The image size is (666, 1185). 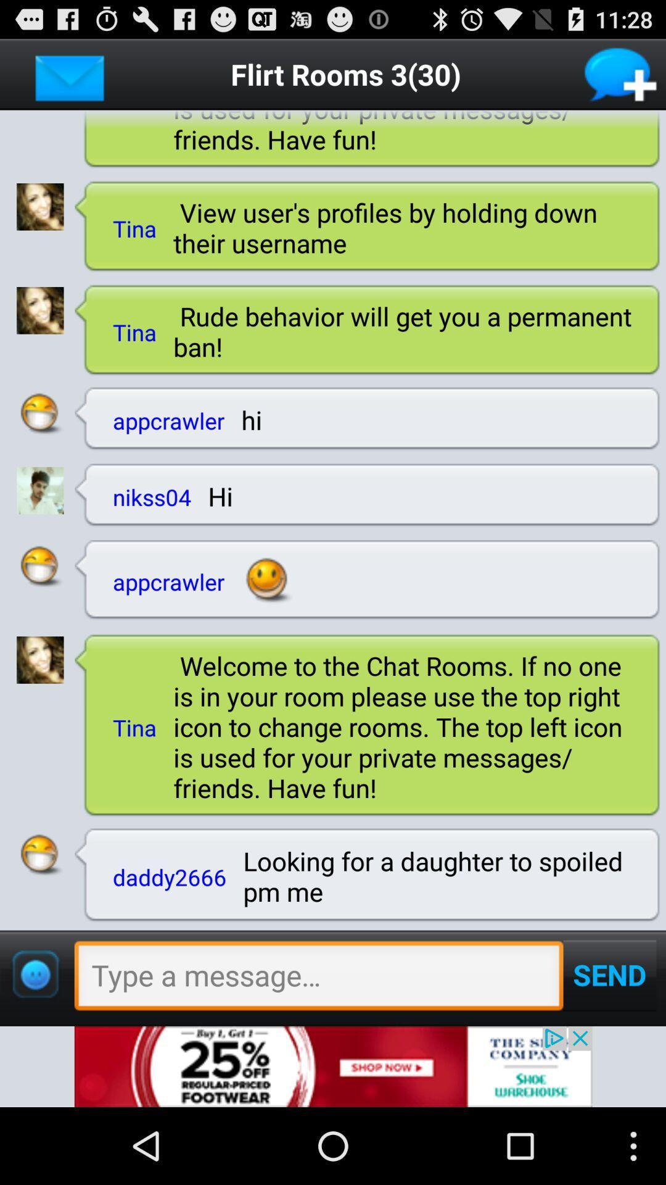 What do you see at coordinates (621, 73) in the screenshot?
I see `open new chat` at bounding box center [621, 73].